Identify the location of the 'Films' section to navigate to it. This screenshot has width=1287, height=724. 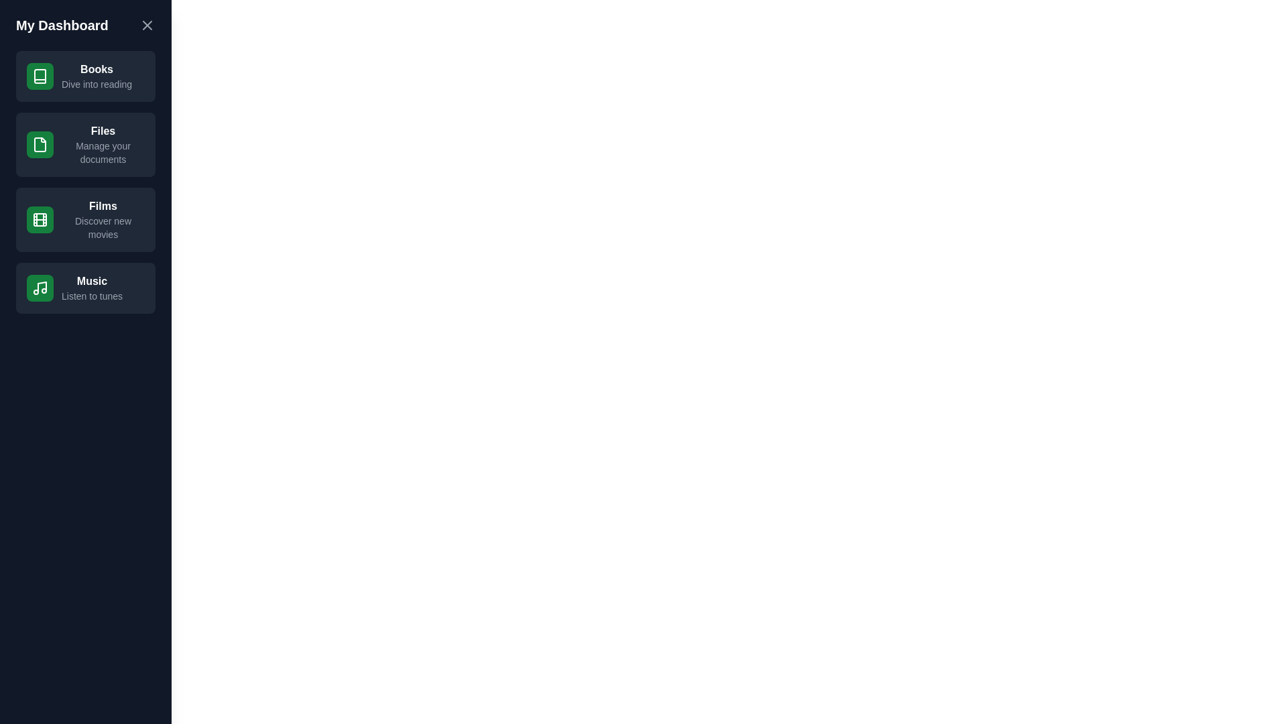
(85, 219).